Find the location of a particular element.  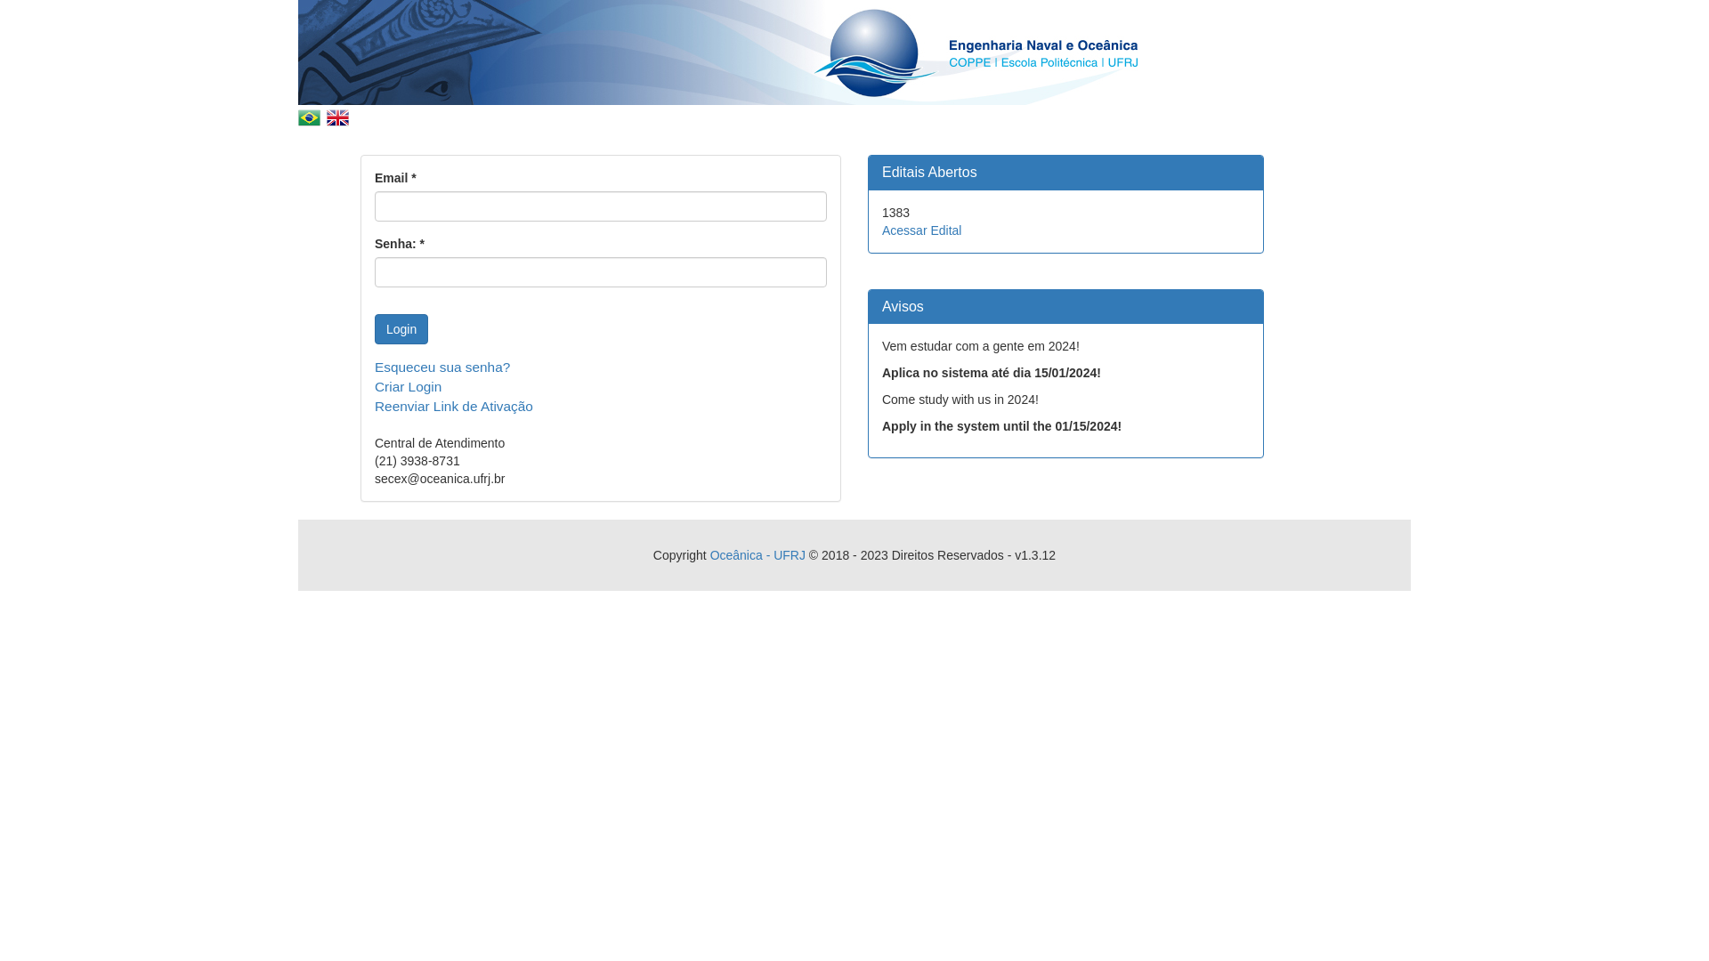

'Acessar Edital' is located at coordinates (921, 229).